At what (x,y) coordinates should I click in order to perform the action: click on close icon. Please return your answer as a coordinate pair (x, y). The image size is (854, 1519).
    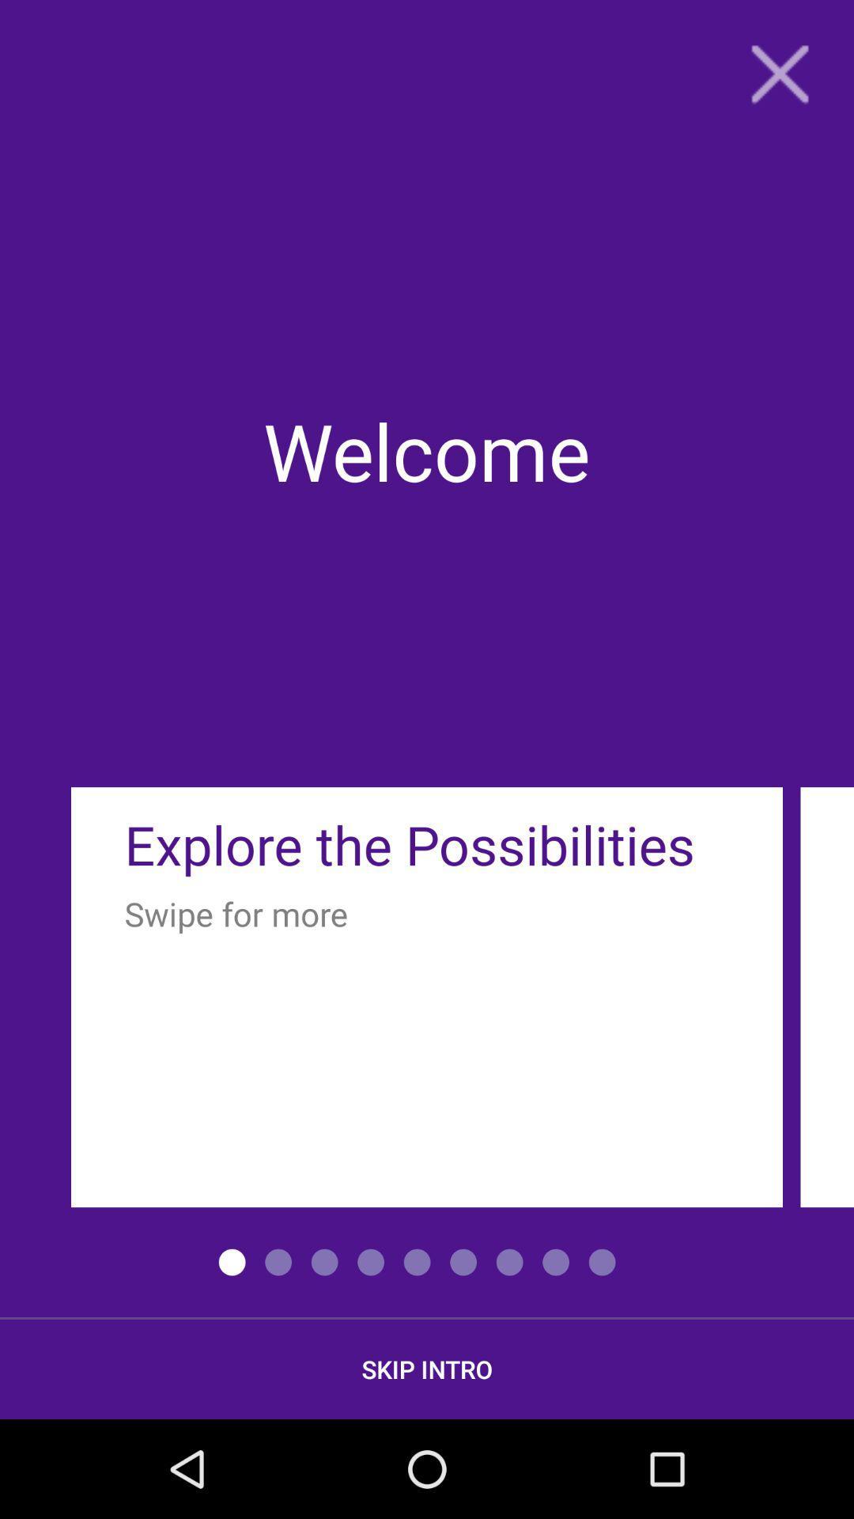
    Looking at the image, I should click on (779, 73).